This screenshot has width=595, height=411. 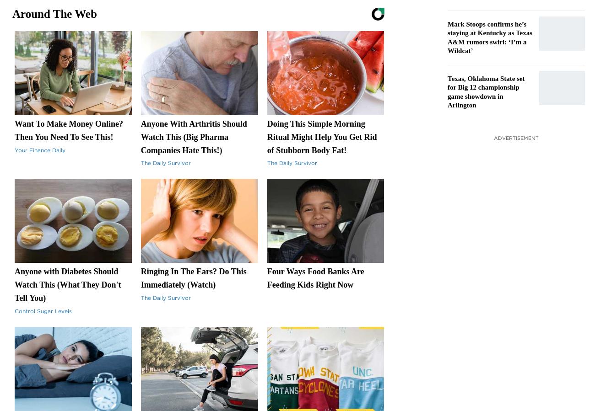 What do you see at coordinates (490, 37) in the screenshot?
I see `'Mark Stoops confirms he’s staying at Kentucky as Texas A&M rumors swirl: ‘I’m a Wildcat’'` at bounding box center [490, 37].